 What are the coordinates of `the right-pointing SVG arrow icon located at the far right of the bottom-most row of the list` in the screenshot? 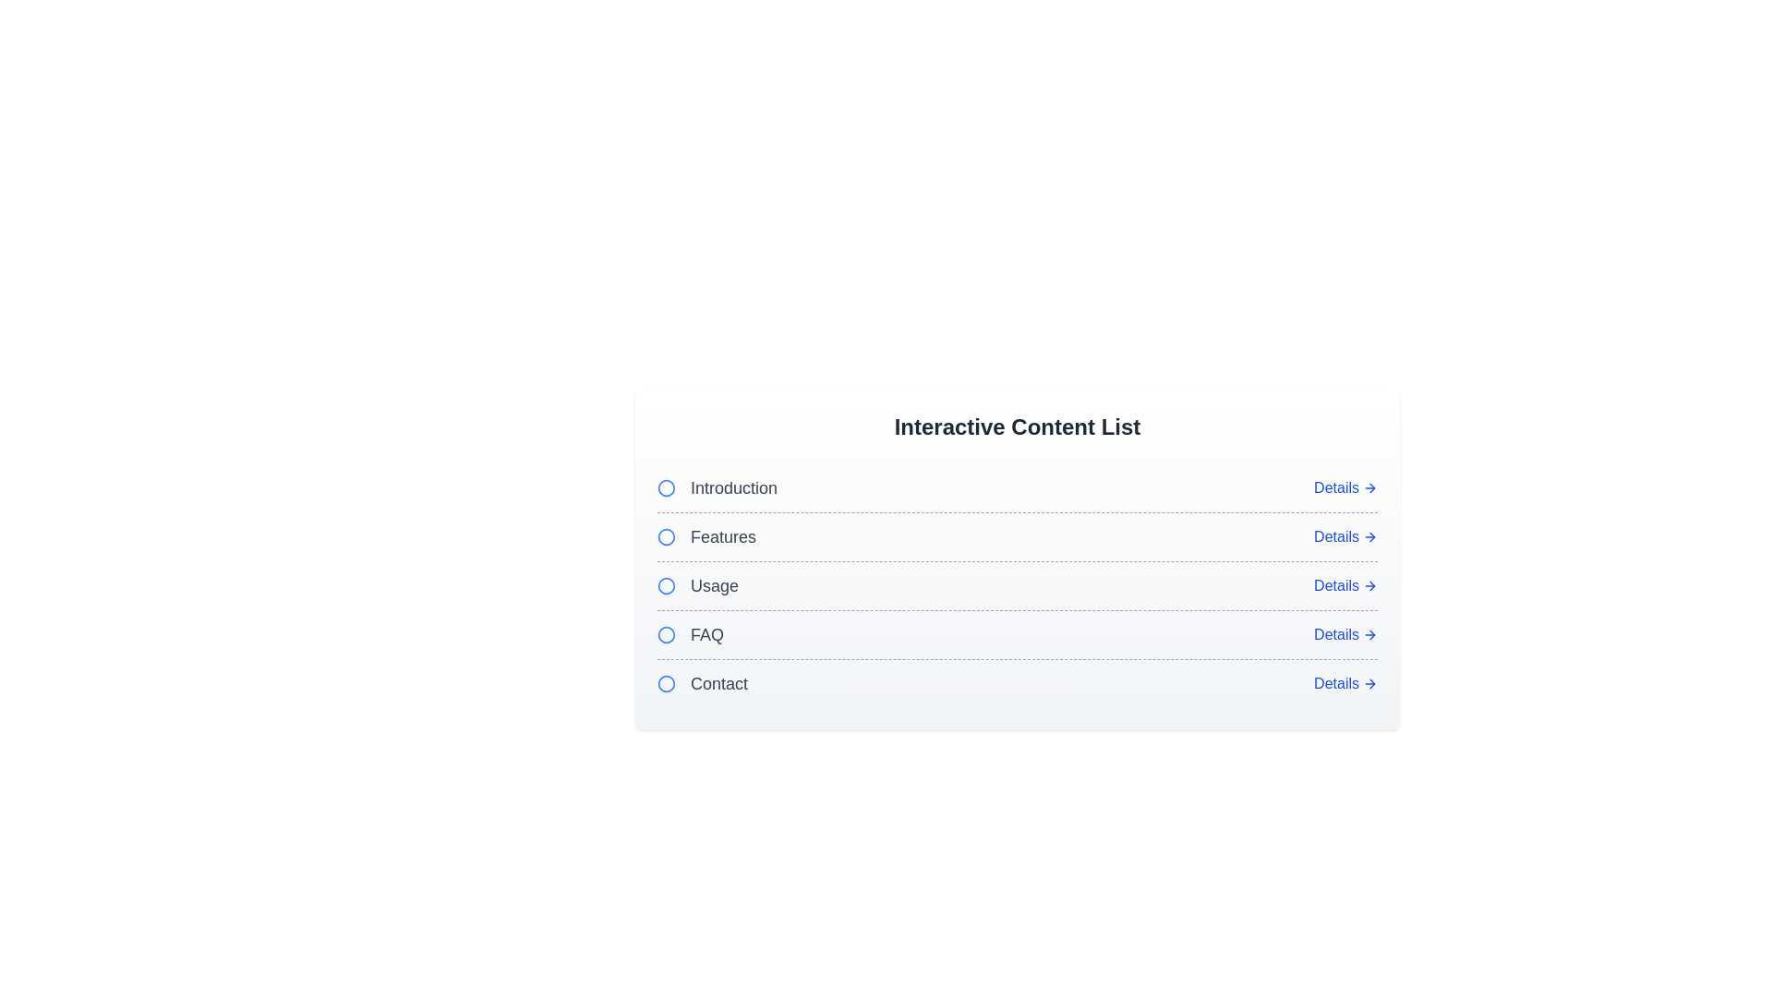 It's located at (1369, 683).